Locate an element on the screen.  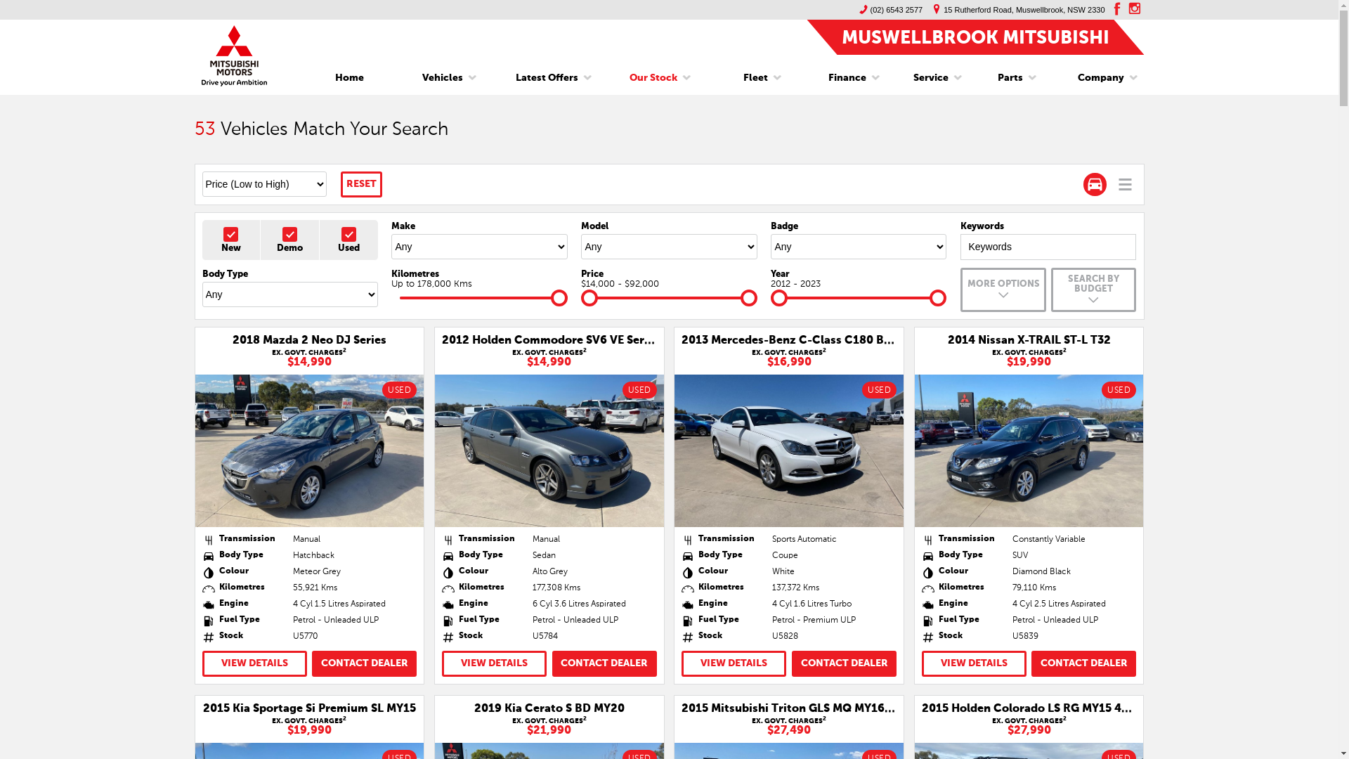
'facebook' is located at coordinates (1114, 8).